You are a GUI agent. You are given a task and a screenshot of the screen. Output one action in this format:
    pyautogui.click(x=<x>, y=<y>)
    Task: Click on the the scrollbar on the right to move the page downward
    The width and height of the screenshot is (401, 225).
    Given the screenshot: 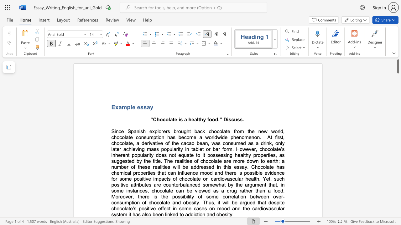 What is the action you would take?
    pyautogui.click(x=398, y=122)
    